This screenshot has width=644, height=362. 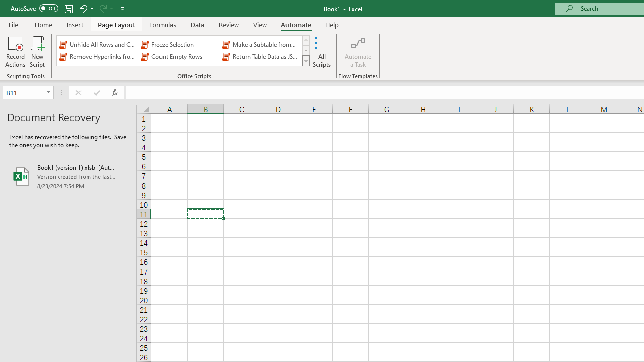 What do you see at coordinates (322, 52) in the screenshot?
I see `'All Scripts'` at bounding box center [322, 52].